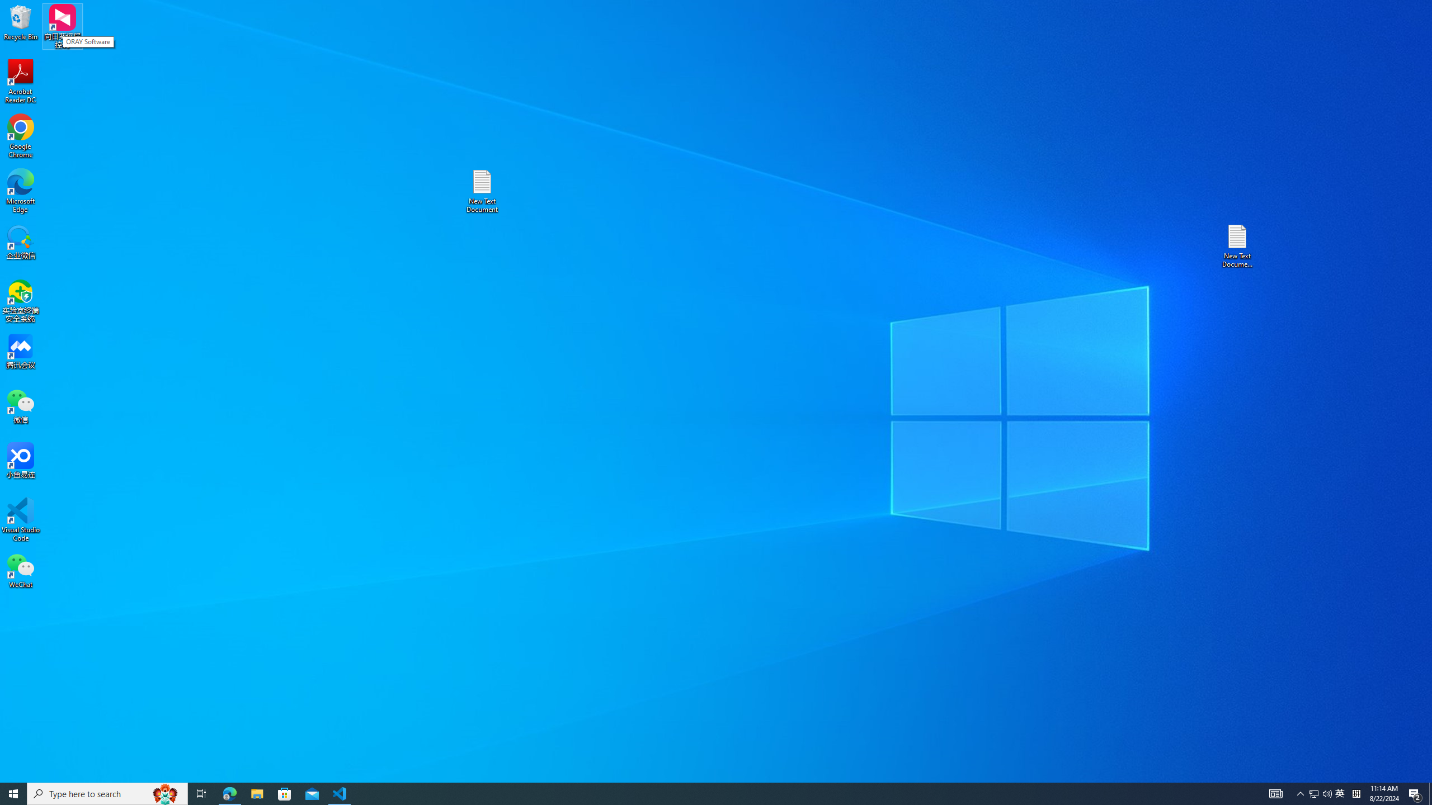 The width and height of the screenshot is (1432, 805). What do you see at coordinates (20, 191) in the screenshot?
I see `'Microsoft Edge'` at bounding box center [20, 191].